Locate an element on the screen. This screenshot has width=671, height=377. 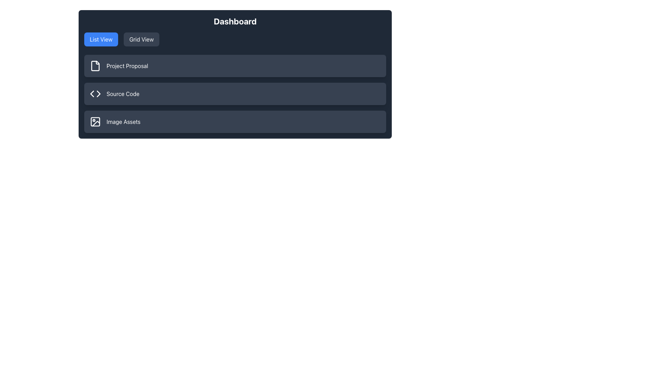
the compact file icon with a dark theme and white outline, located to the left of the 'Project Proposal' text in the first row of the card-like UI under the 'Dashboard' heading is located at coordinates (95, 66).